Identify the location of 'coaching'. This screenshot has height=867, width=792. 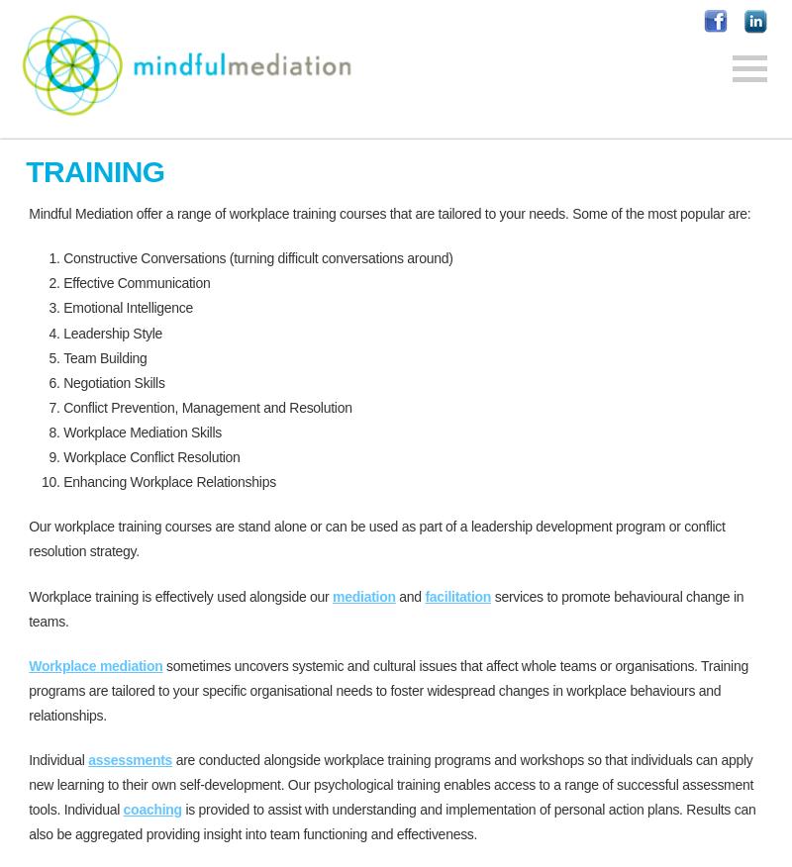
(151, 809).